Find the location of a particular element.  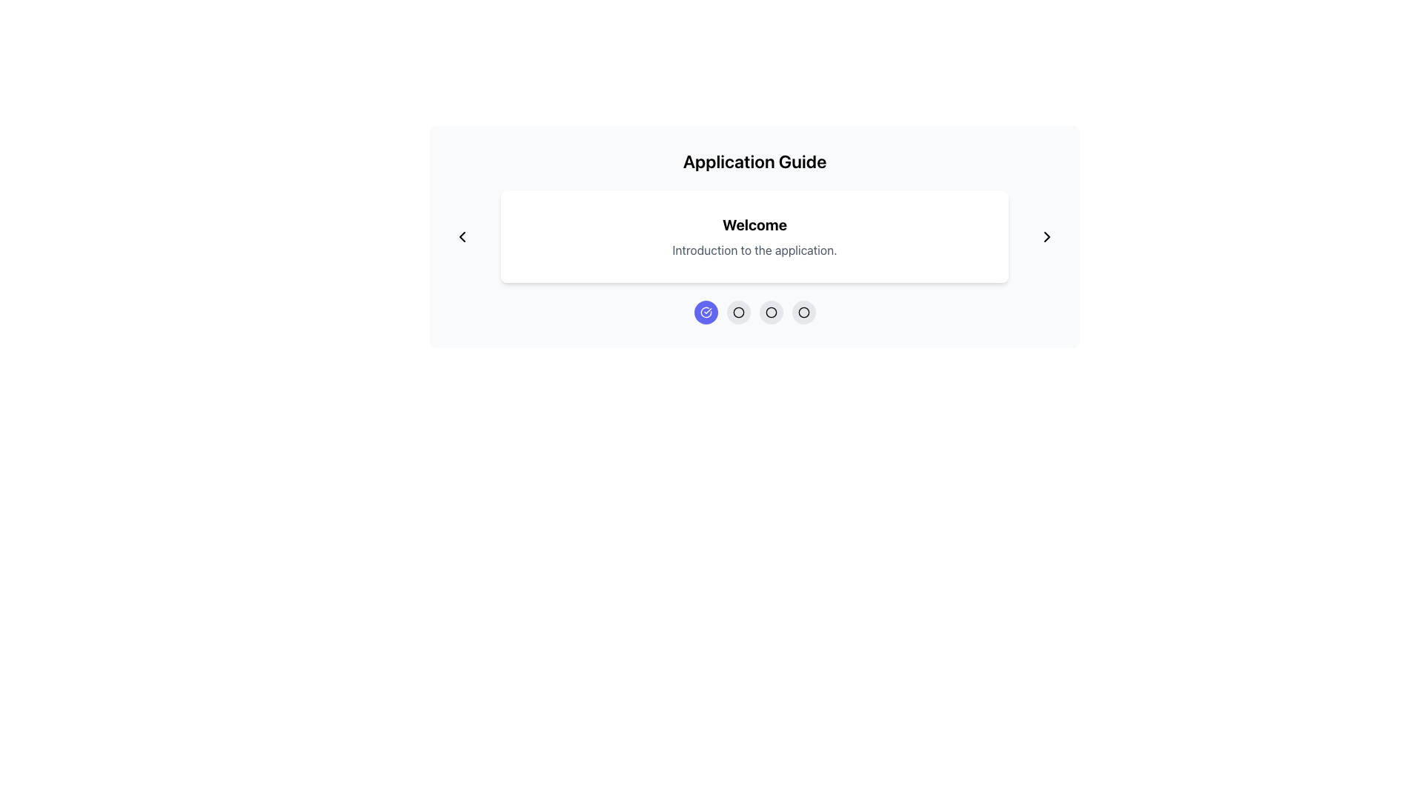

the vibrant purple circular icon indicator with a white checkmark is located at coordinates (705, 311).